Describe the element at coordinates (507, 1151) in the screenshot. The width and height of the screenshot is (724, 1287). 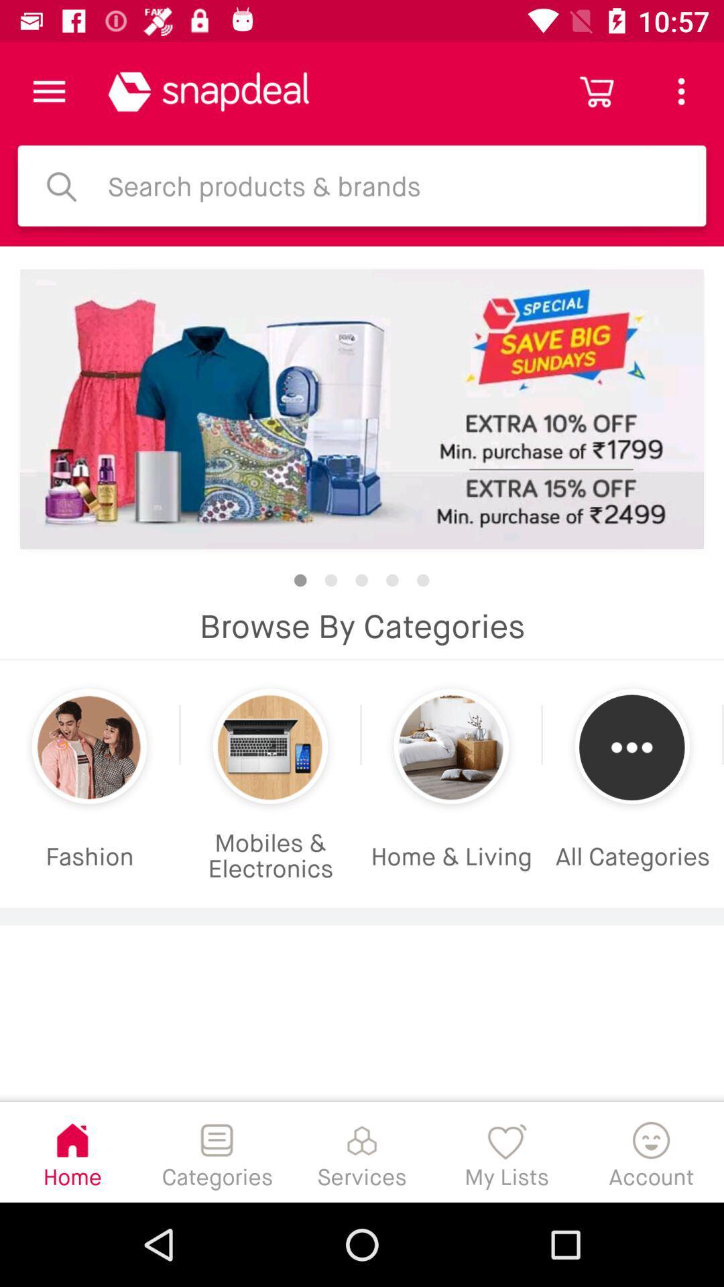
I see `the item to the left of the account item` at that location.